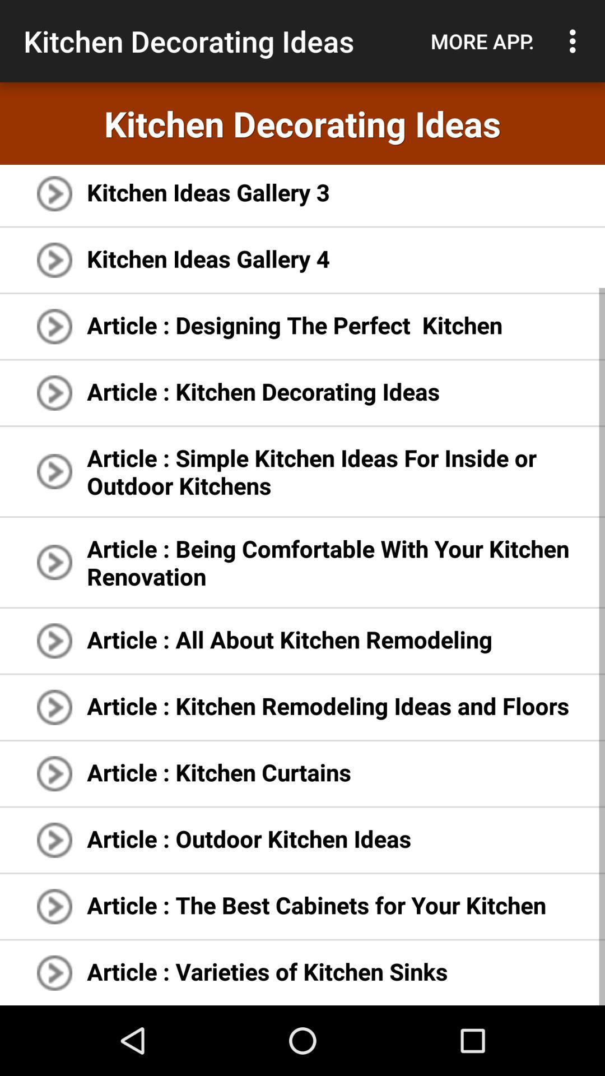  I want to click on item next to the more app., so click(575, 41).